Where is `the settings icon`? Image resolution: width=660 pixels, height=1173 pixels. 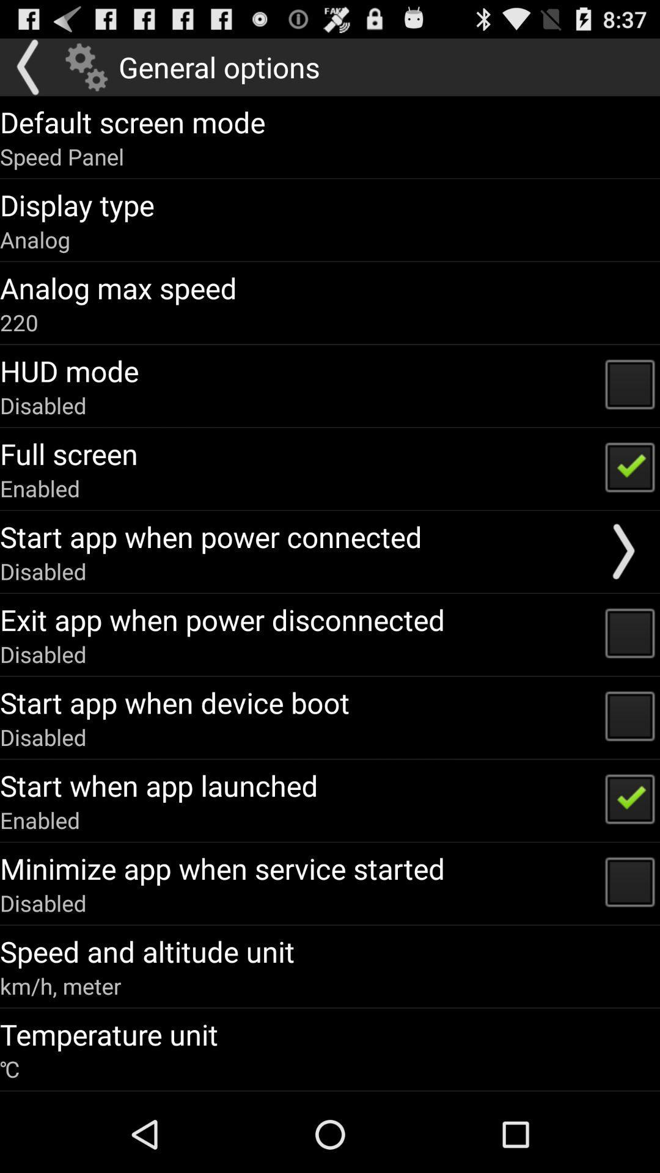
the settings icon is located at coordinates (86, 71).